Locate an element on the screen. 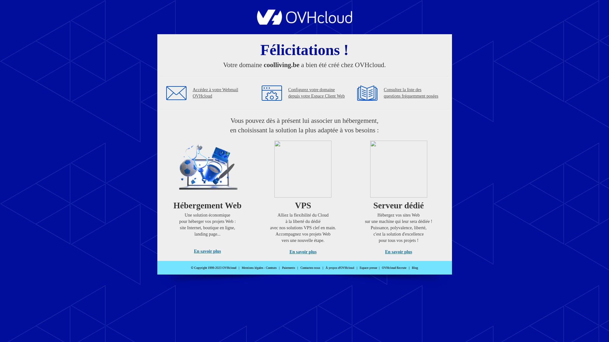 The image size is (609, 342). 'OVHcloud Recrute' is located at coordinates (394, 268).